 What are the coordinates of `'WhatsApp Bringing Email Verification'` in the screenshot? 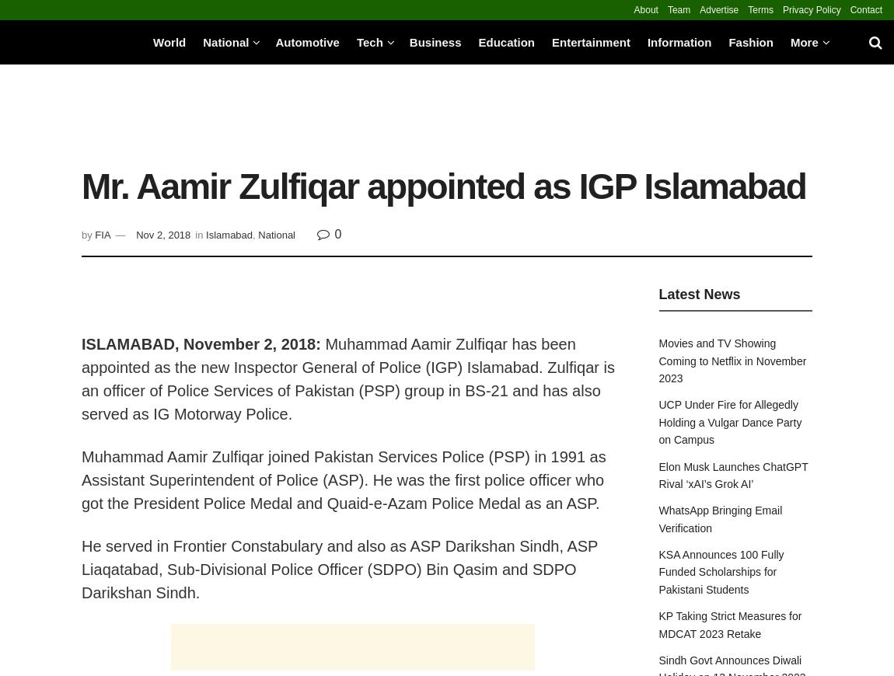 It's located at (720, 518).